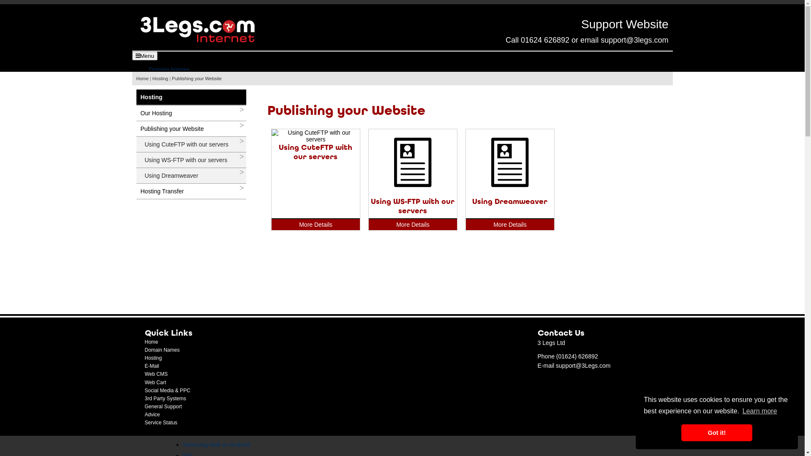 The width and height of the screenshot is (811, 456). Describe the element at coordinates (182, 94) in the screenshot. I see `'Terms of Registration'` at that location.